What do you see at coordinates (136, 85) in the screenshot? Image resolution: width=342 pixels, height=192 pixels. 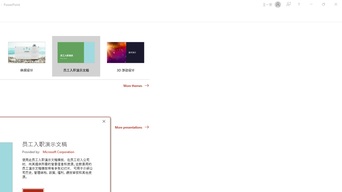 I see `'More themes'` at bounding box center [136, 85].